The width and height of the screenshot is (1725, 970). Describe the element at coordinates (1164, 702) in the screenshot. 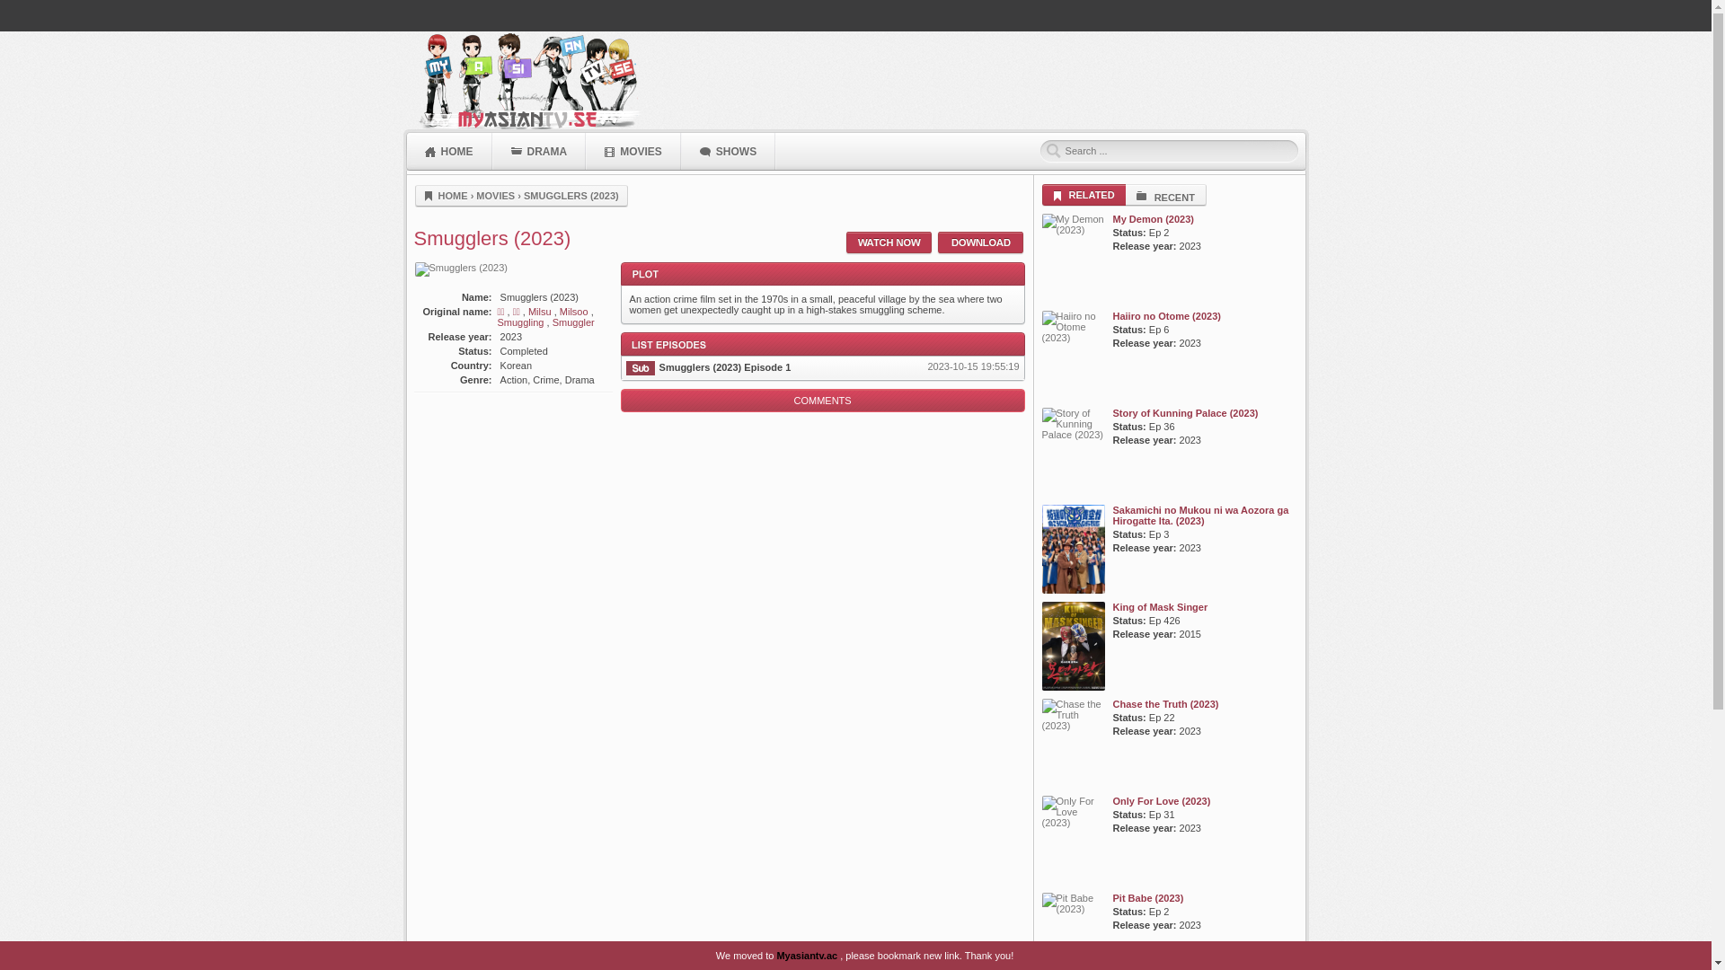

I see `'Chase the Truth (2023)'` at that location.